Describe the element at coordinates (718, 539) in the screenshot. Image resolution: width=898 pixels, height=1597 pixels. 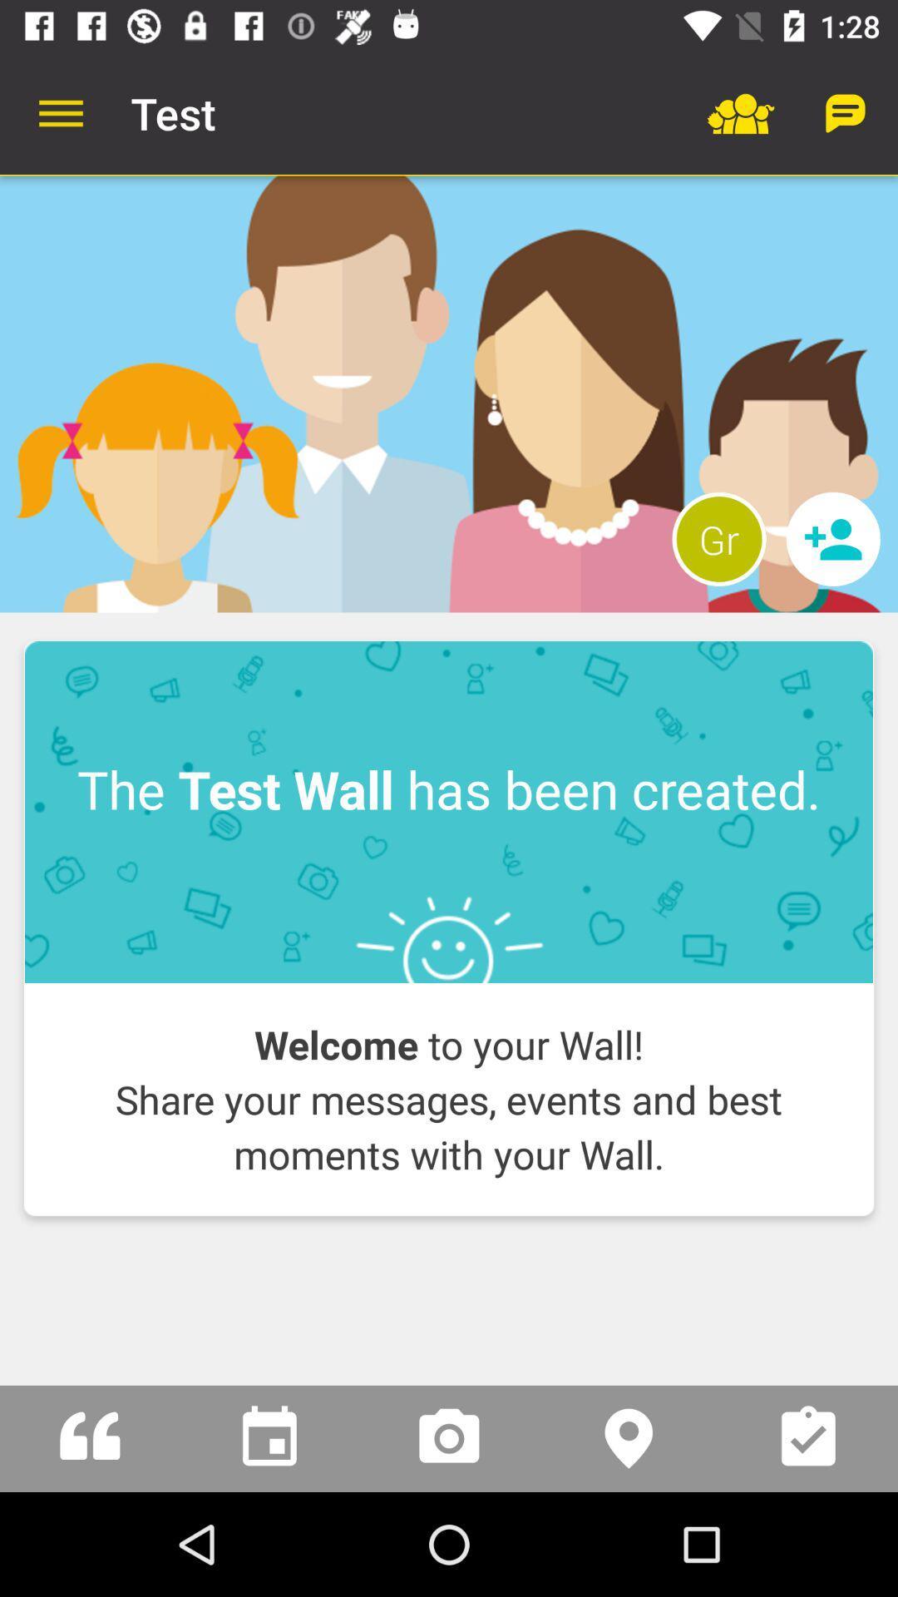
I see `the gr` at that location.